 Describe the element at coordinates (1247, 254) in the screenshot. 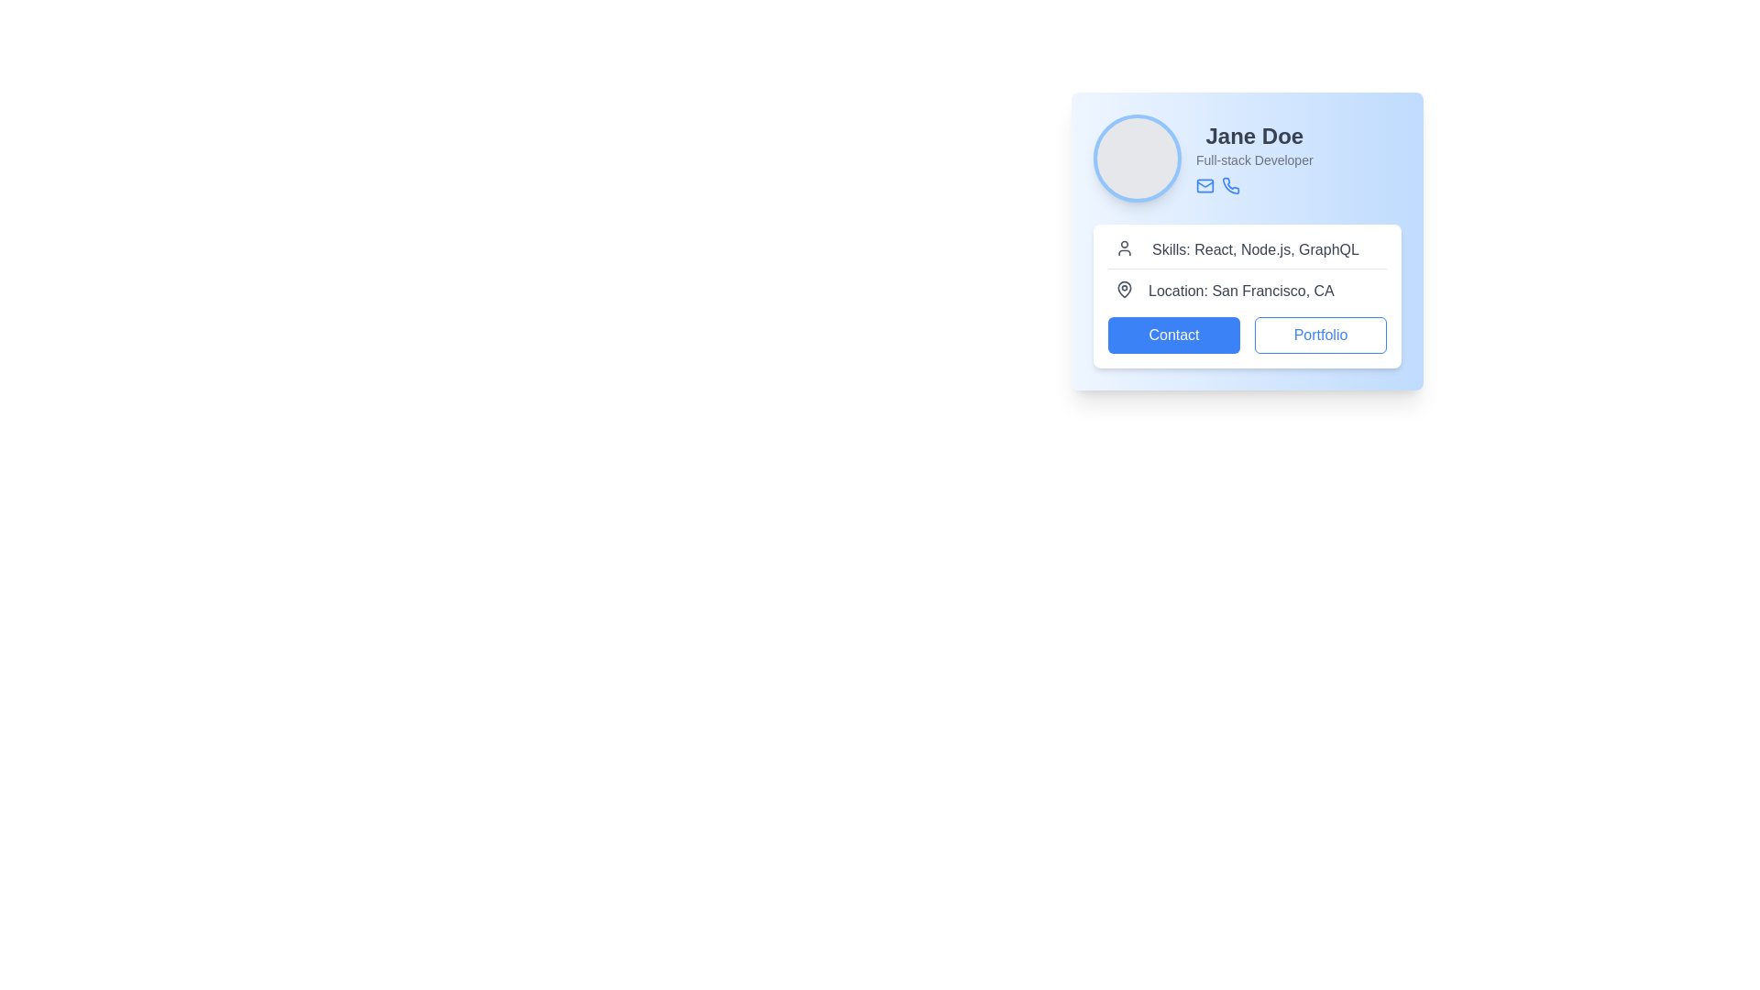

I see `the Text information block that communicates the skills of an individual, located above the 'Location: San Francisco, CA' section` at that location.